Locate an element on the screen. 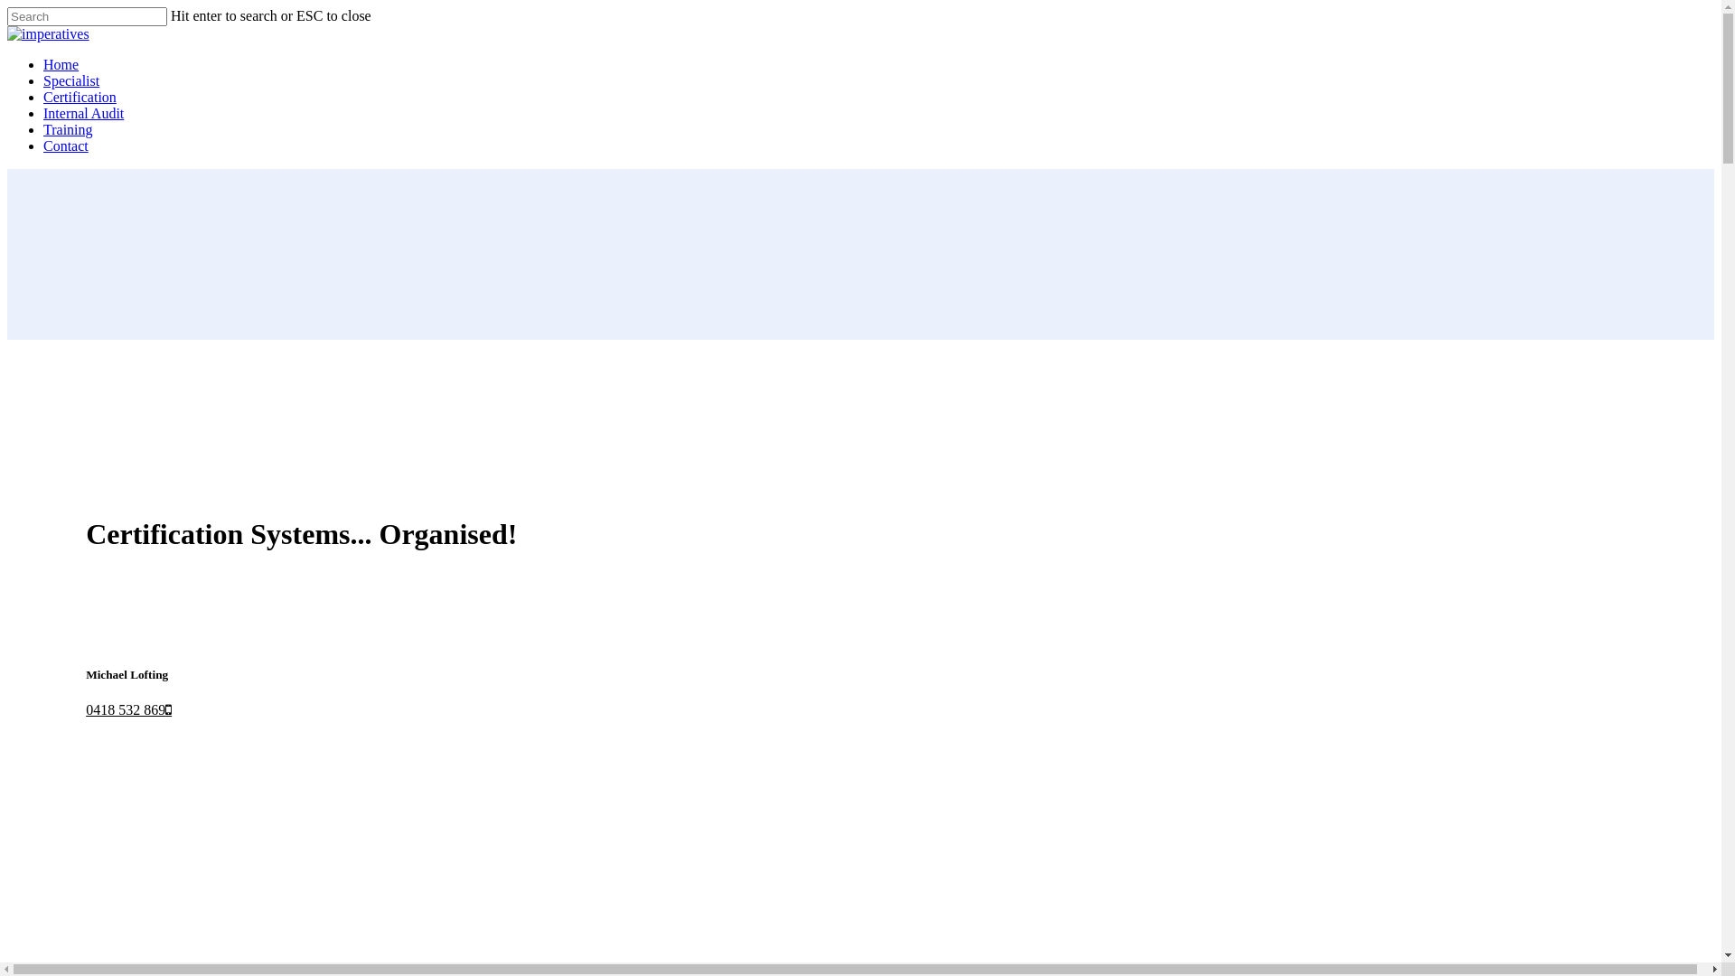 The width and height of the screenshot is (1735, 976). 'Home' is located at coordinates (61, 63).